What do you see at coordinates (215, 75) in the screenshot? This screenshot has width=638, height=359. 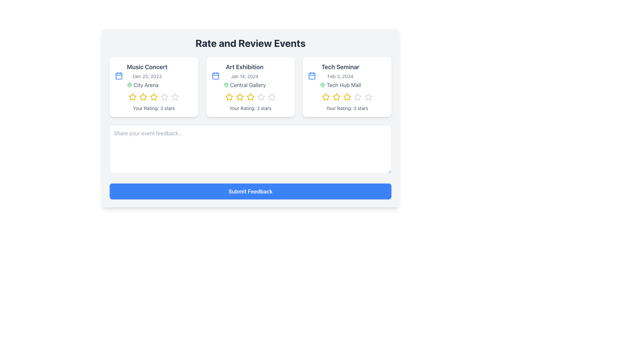 I see `the blue calendar icon located at the top-left corner of the 'Art Exhibition' card, positioned above the date text 'Jan 14, 2024'` at bounding box center [215, 75].